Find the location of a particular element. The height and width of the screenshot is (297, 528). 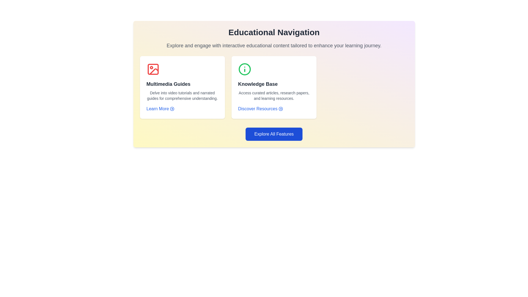

the information icon located at the top right corner of the 'Knowledge Base' card is located at coordinates (244, 69).